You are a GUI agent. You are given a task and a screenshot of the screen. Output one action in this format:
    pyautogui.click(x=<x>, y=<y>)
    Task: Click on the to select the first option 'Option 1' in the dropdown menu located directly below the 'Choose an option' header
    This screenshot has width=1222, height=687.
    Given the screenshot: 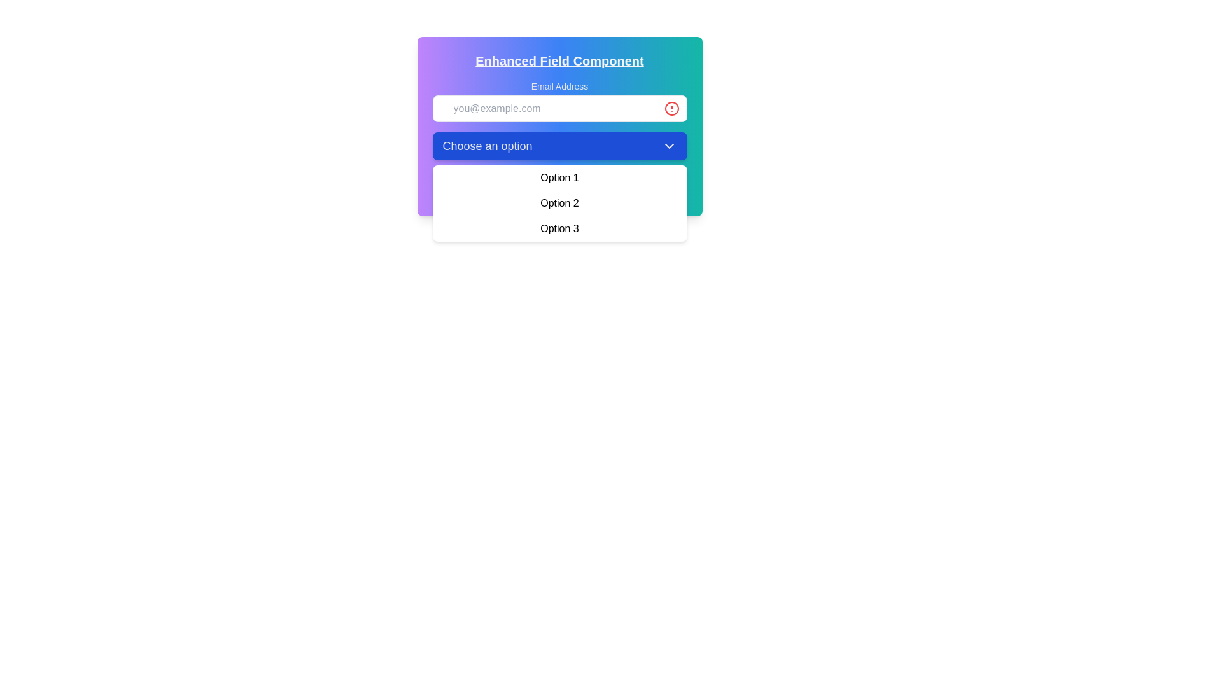 What is the action you would take?
    pyautogui.click(x=559, y=178)
    